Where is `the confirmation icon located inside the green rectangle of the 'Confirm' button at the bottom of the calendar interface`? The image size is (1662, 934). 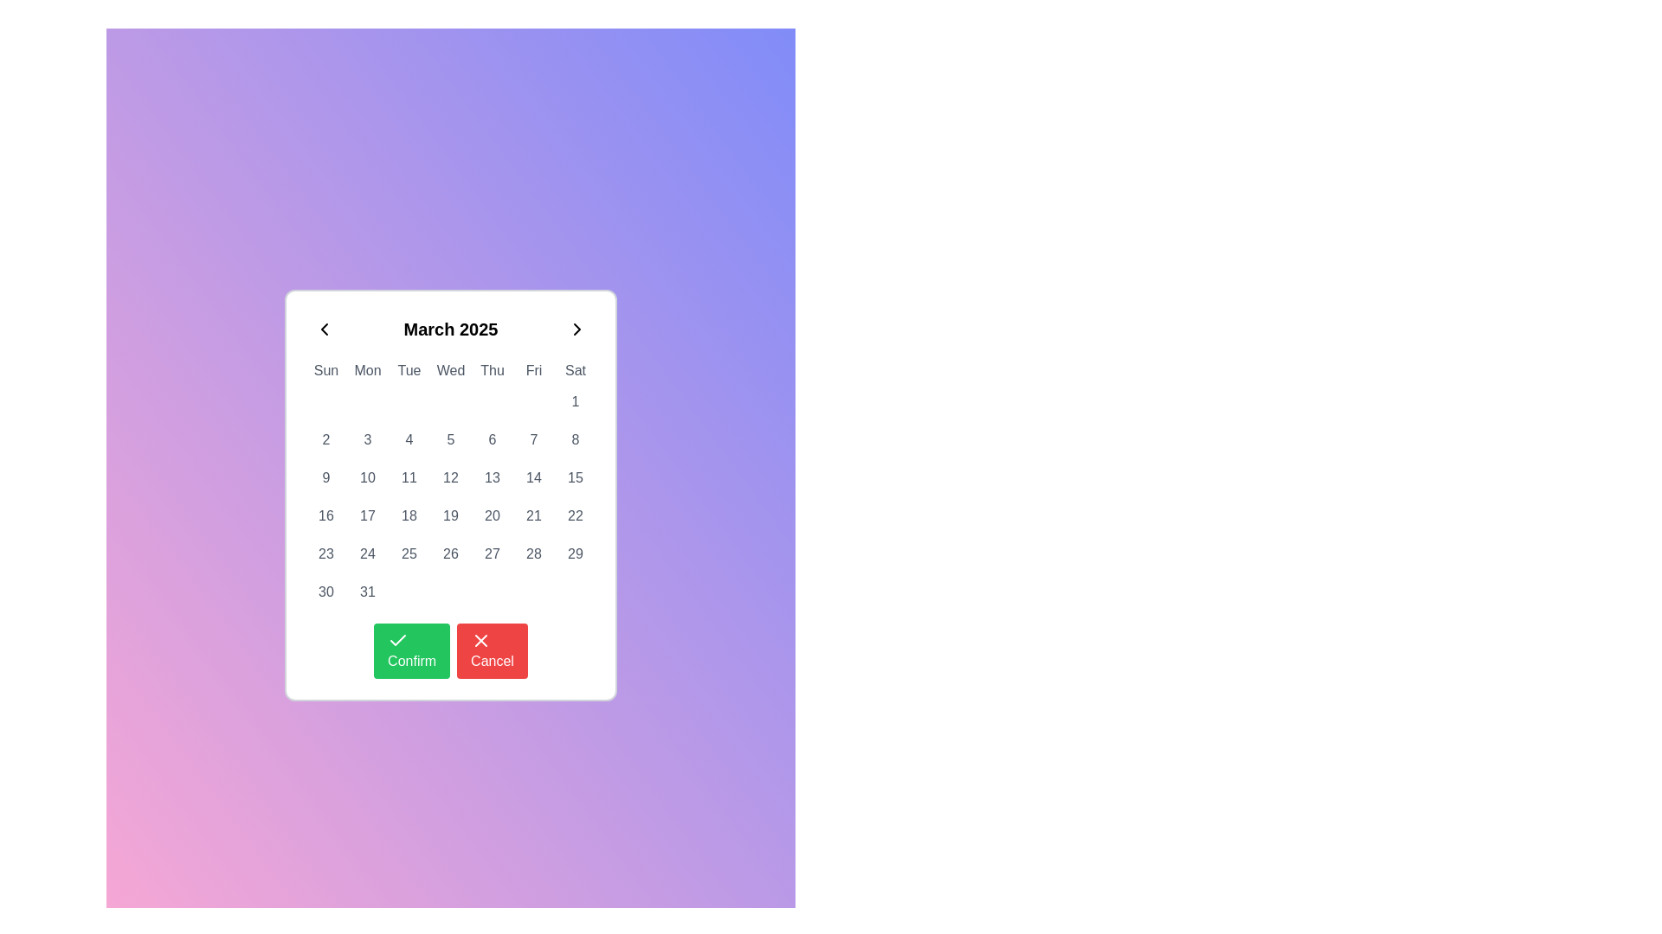
the confirmation icon located inside the green rectangle of the 'Confirm' button at the bottom of the calendar interface is located at coordinates (397, 640).